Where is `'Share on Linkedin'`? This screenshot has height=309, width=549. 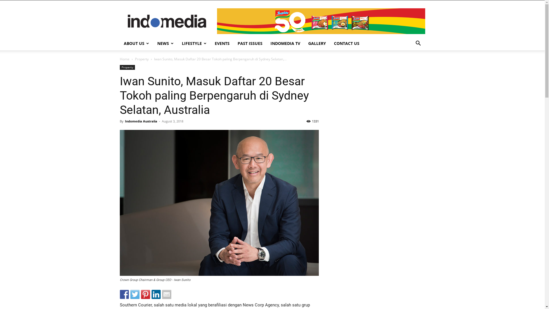
'Share on Linkedin' is located at coordinates (151, 294).